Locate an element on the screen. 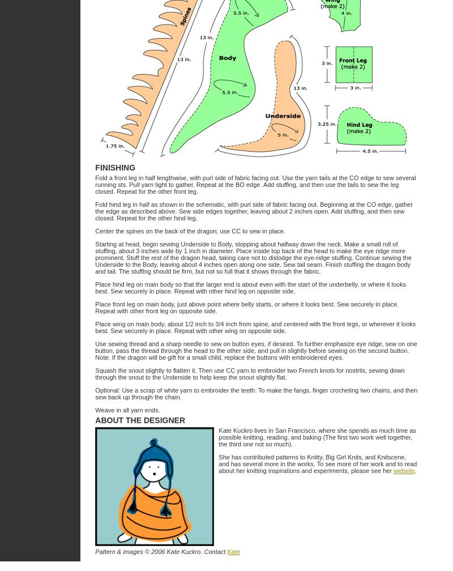 The width and height of the screenshot is (453, 571). '.' is located at coordinates (414, 470).